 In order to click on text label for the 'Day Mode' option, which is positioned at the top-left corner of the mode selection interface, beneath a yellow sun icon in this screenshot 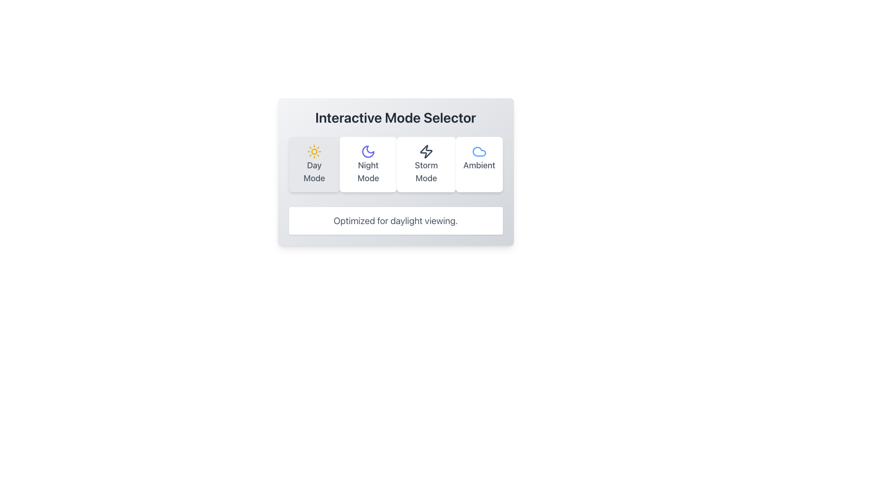, I will do `click(314, 172)`.